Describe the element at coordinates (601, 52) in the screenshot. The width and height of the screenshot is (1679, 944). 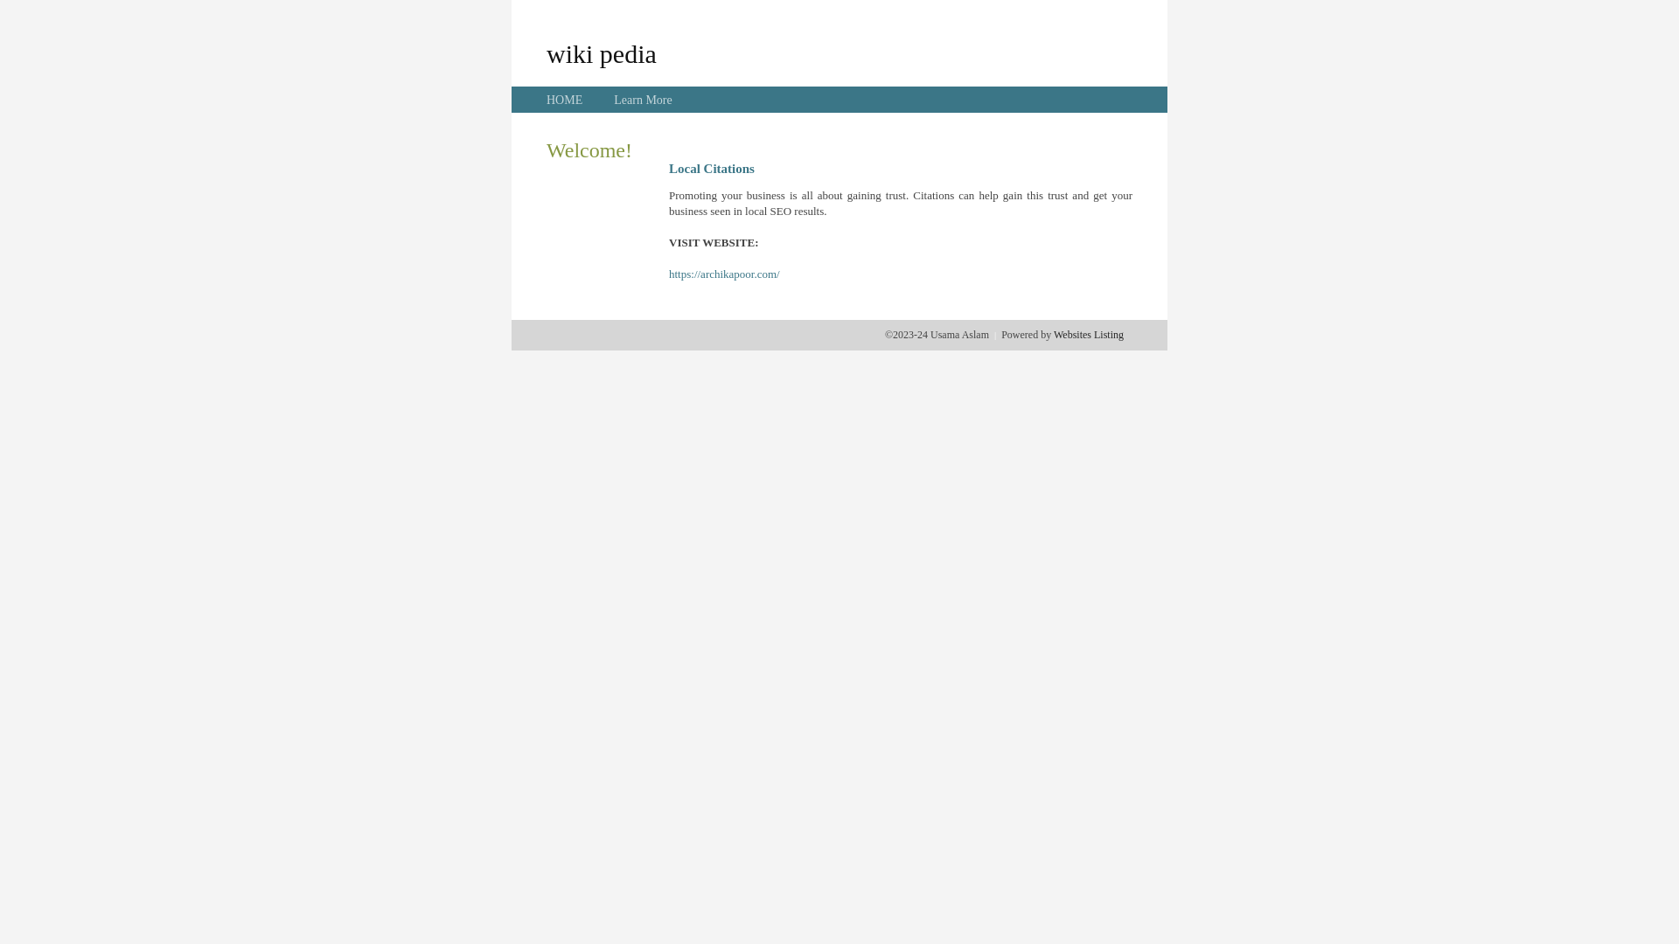
I see `'wiki pedia'` at that location.